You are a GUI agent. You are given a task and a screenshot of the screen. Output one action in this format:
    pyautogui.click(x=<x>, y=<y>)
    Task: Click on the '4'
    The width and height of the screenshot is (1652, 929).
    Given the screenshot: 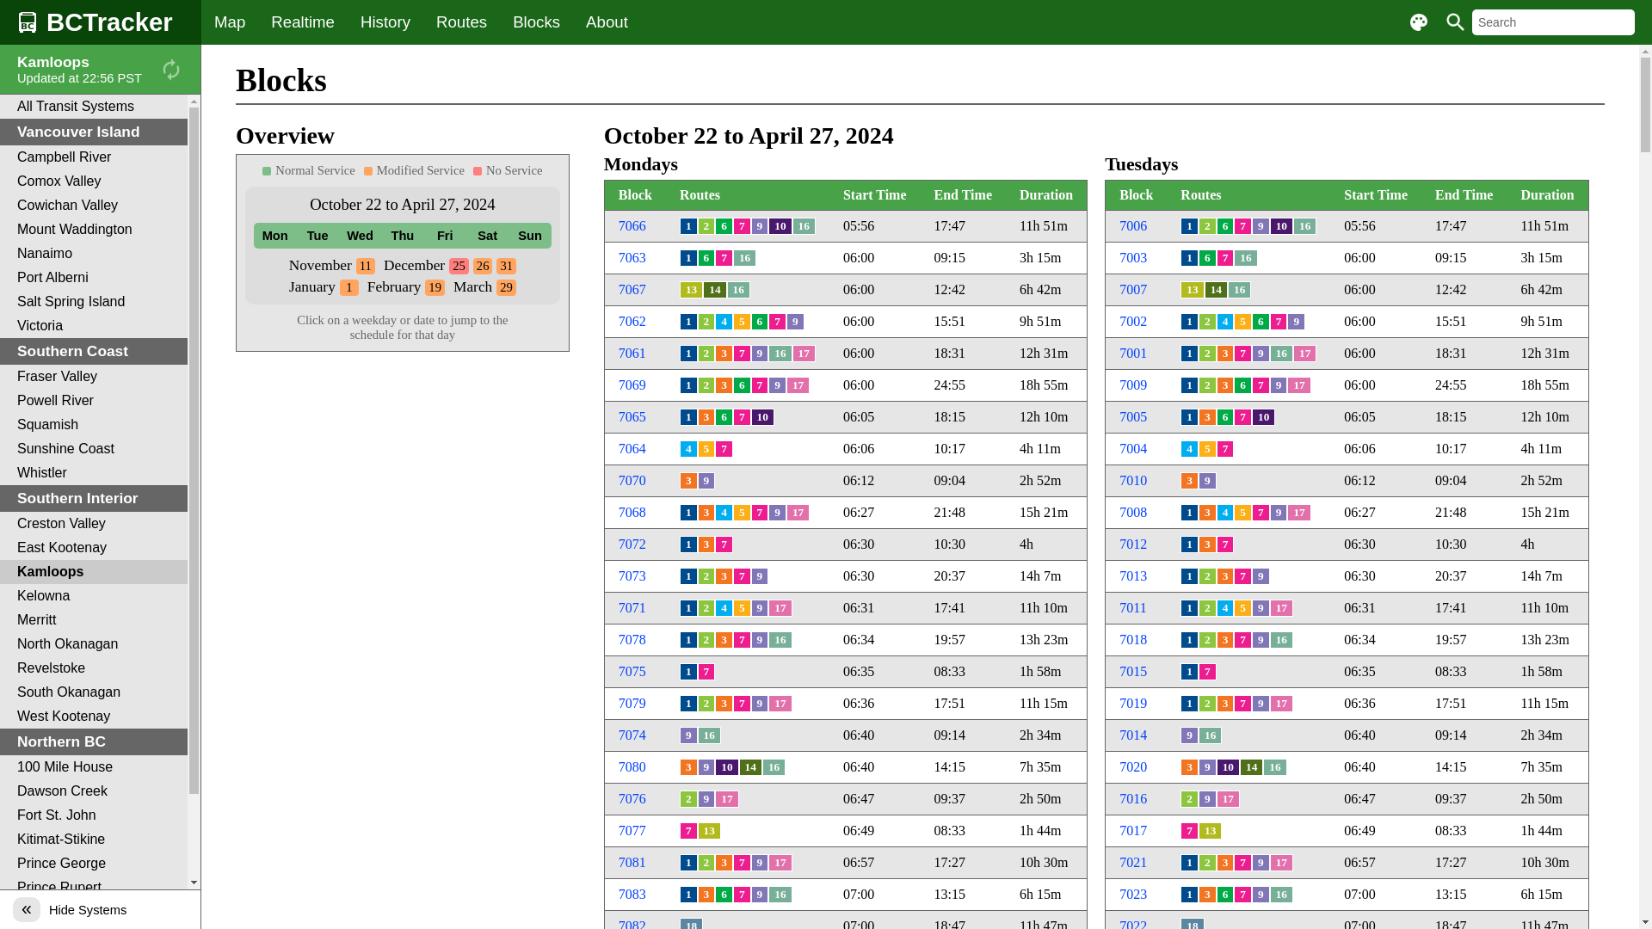 What is the action you would take?
    pyautogui.click(x=724, y=512)
    